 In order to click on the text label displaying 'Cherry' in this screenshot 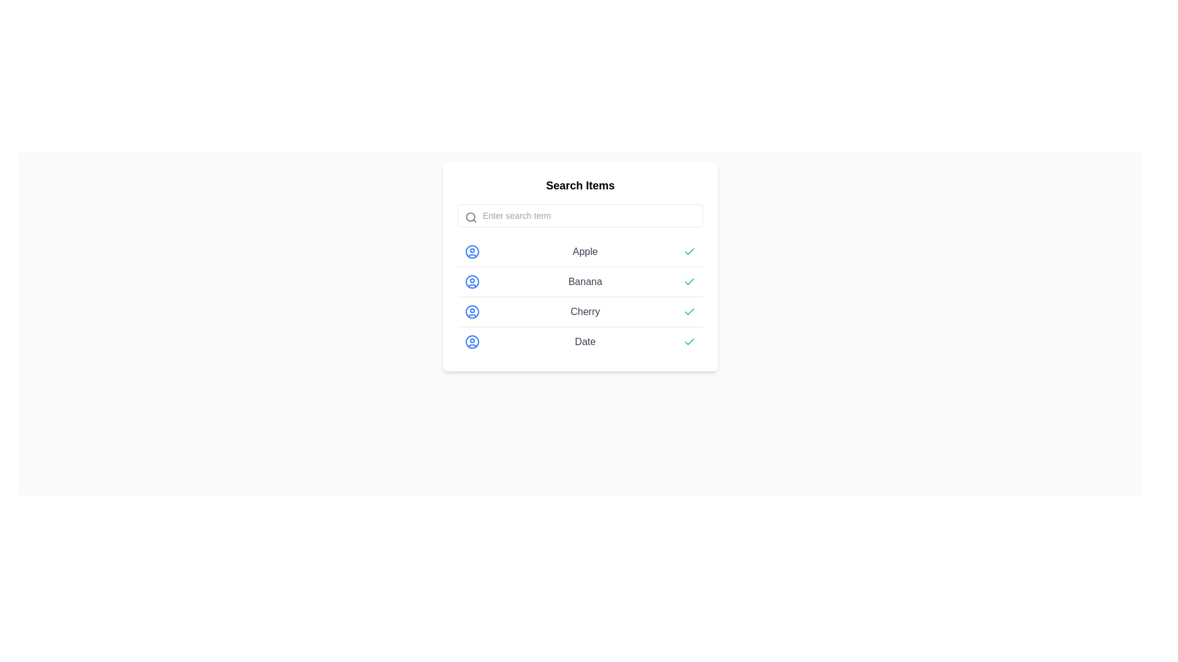, I will do `click(585, 311)`.